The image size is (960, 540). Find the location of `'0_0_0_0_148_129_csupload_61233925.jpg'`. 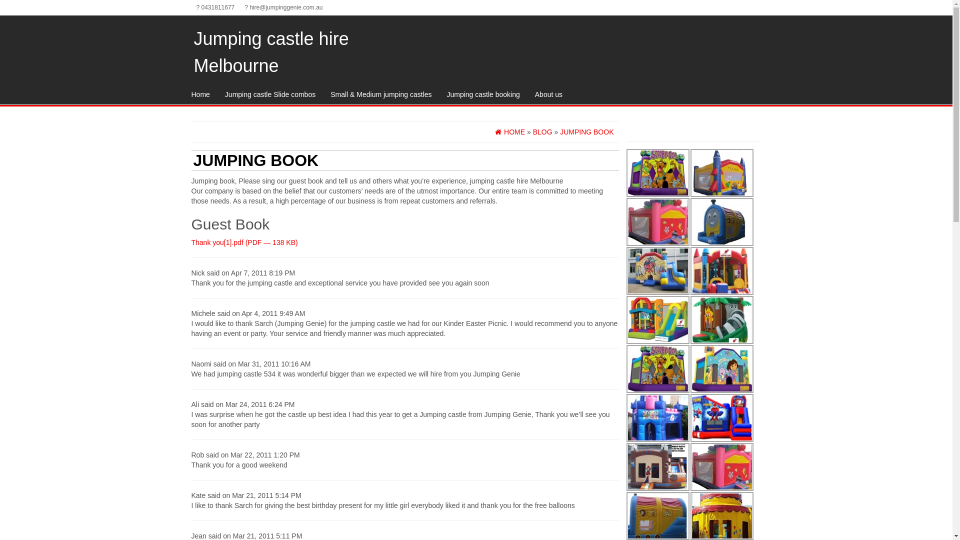

'0_0_0_0_148_129_csupload_61233925.jpg' is located at coordinates (657, 221).